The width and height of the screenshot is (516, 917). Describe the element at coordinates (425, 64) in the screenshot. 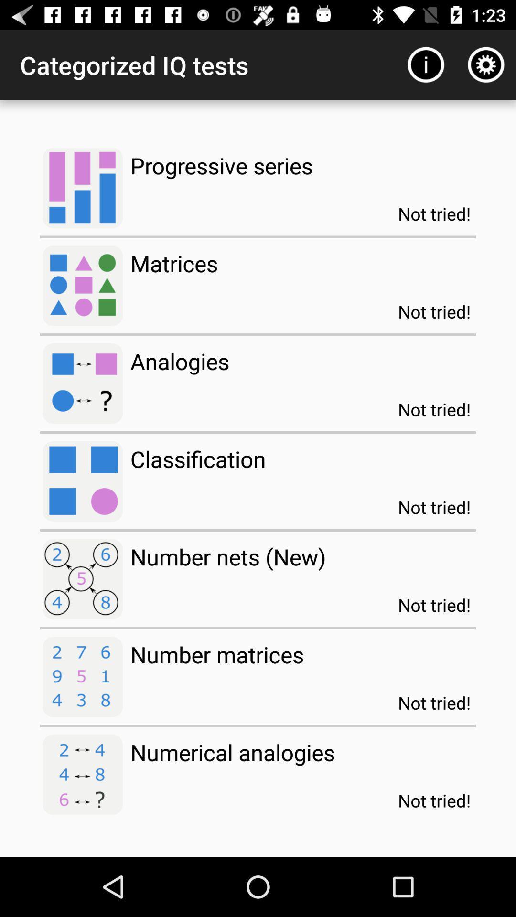

I see `item next to categorized iq tests` at that location.